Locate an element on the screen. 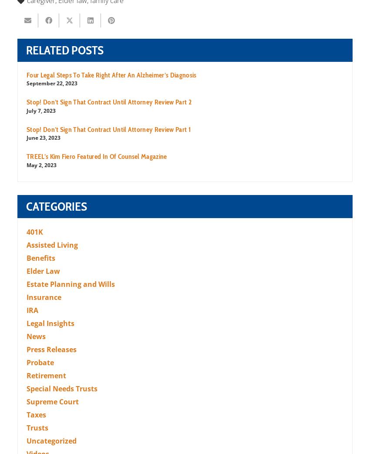 This screenshot has height=454, width=370. 'Uncategorized' is located at coordinates (27, 441).